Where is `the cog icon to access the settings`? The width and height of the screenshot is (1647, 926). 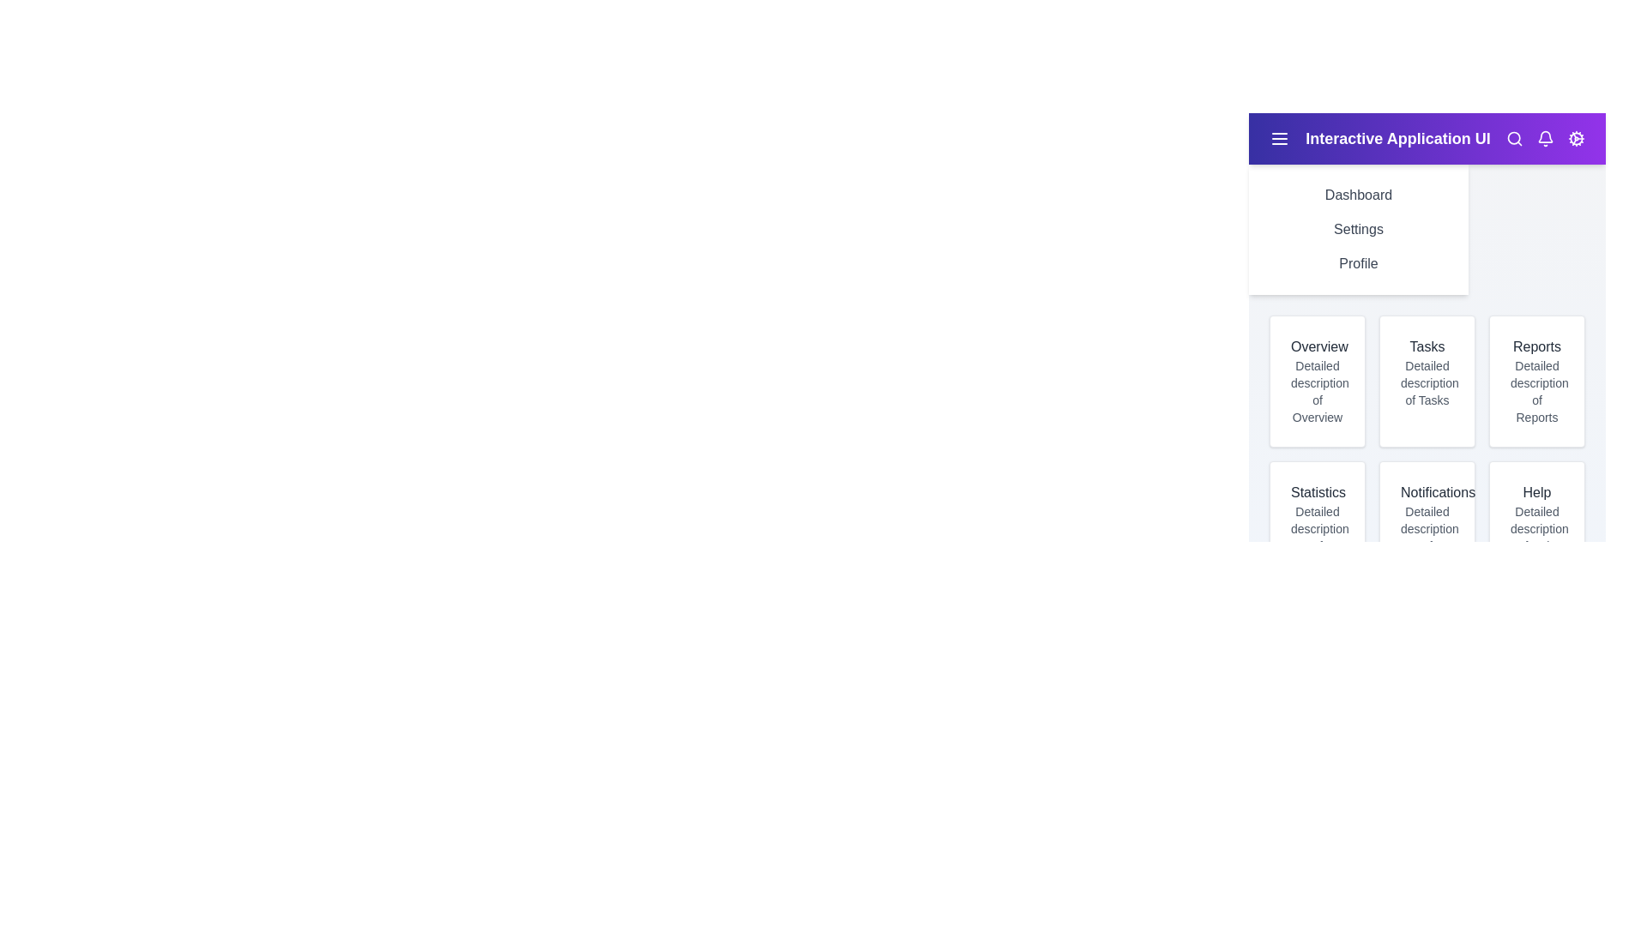
the cog icon to access the settings is located at coordinates (1577, 138).